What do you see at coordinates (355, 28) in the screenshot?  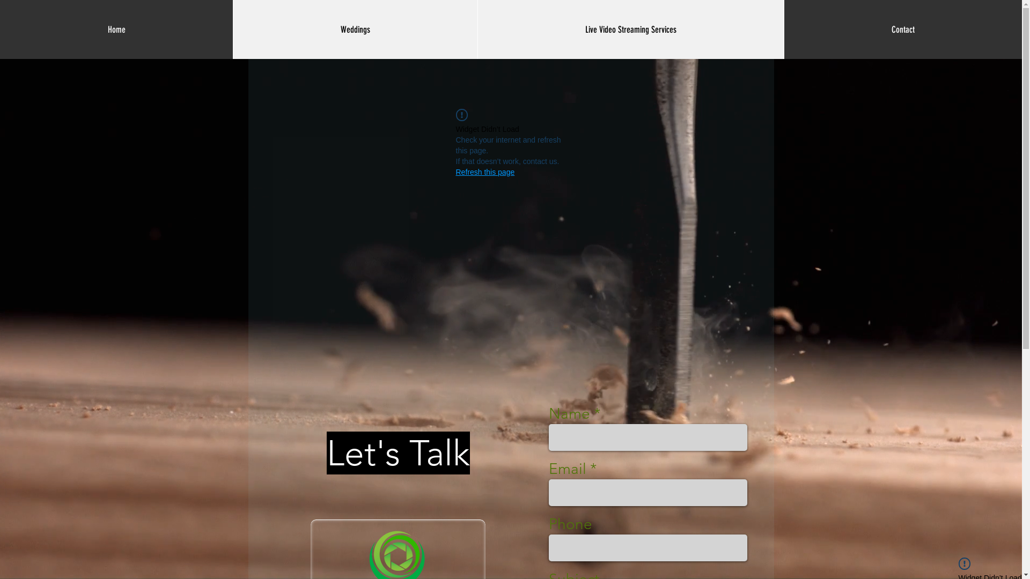 I see `'Weddings'` at bounding box center [355, 28].